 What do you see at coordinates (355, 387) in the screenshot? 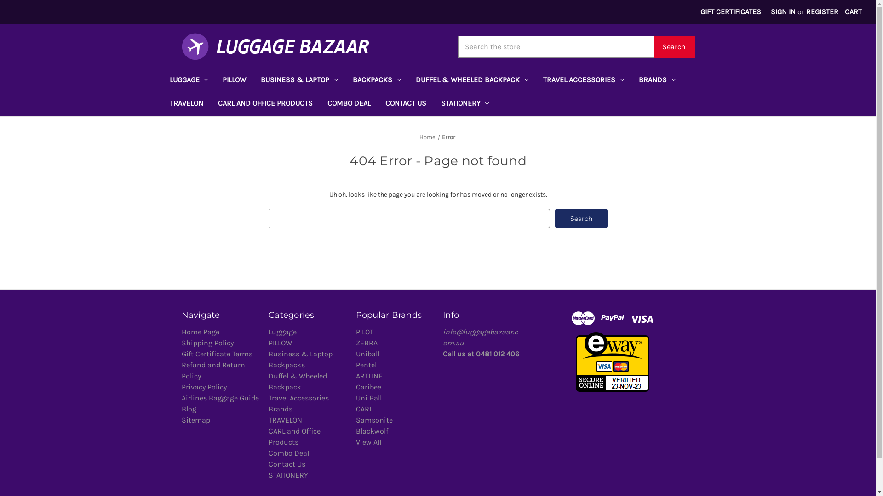
I see `'Caribee'` at bounding box center [355, 387].